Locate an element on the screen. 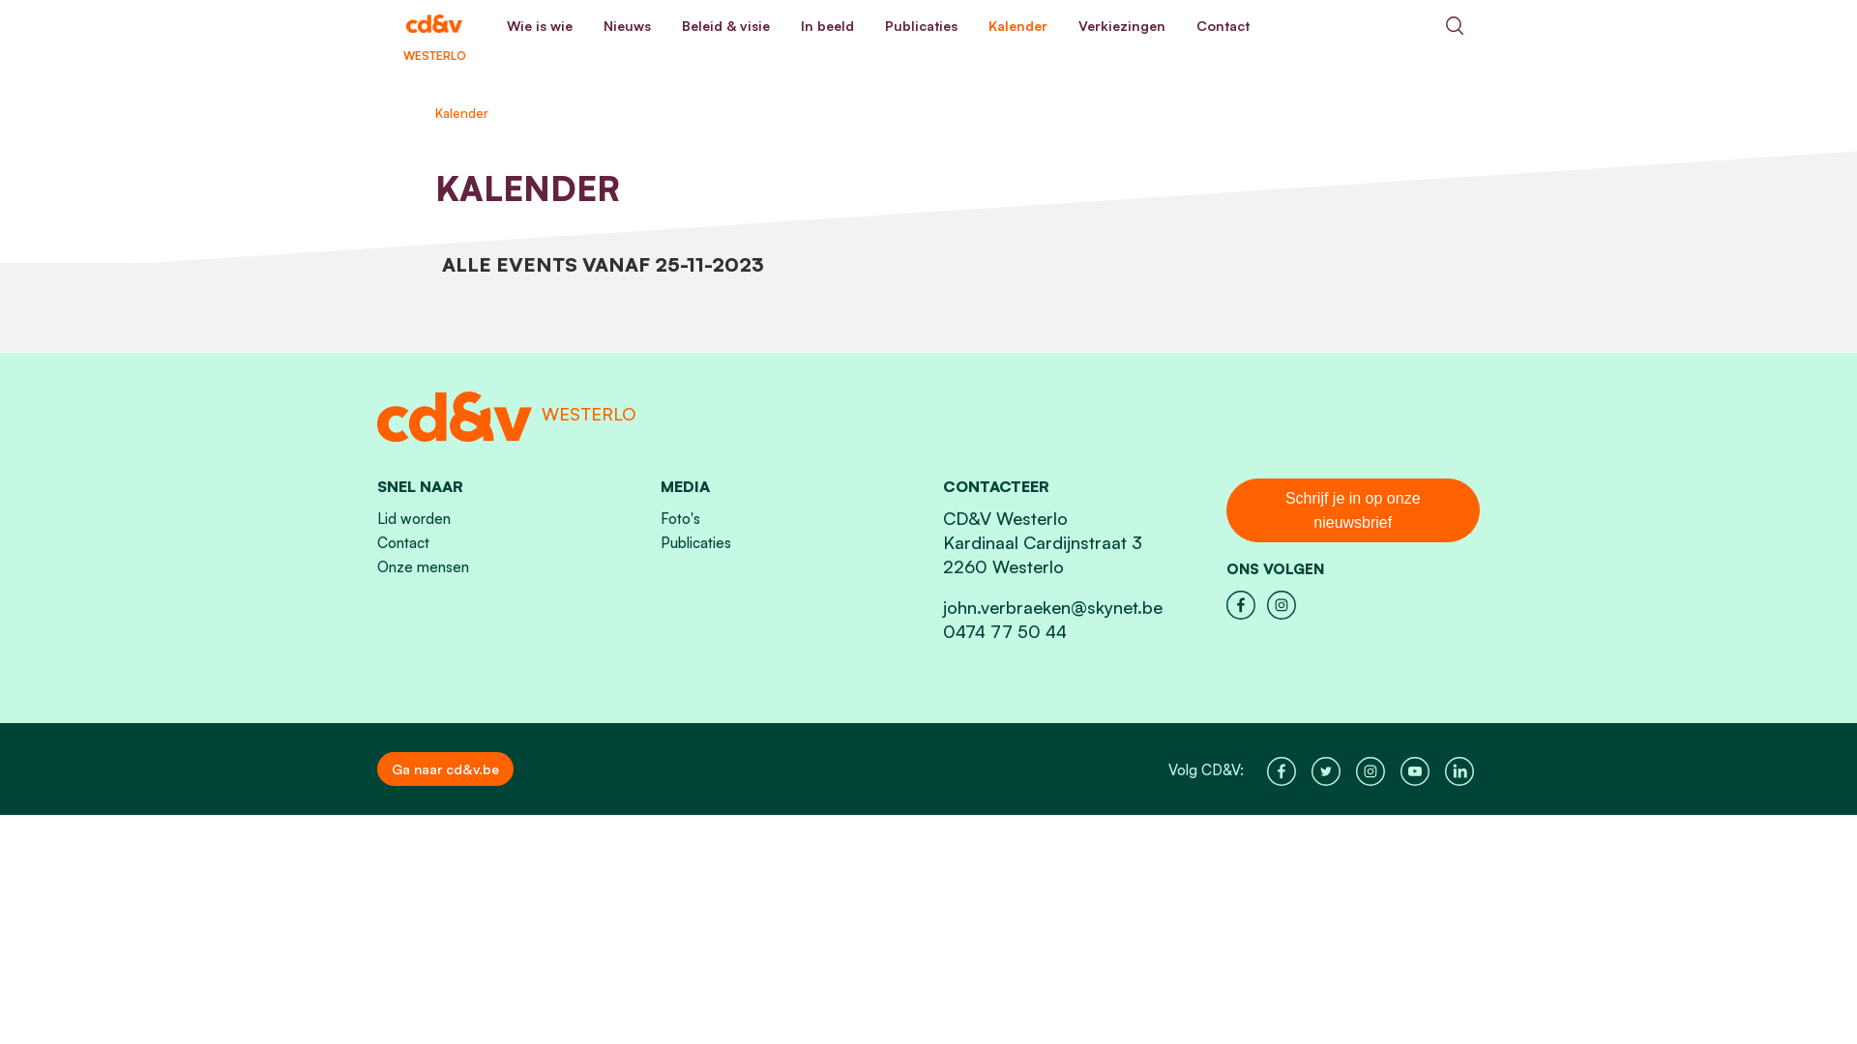 The width and height of the screenshot is (1857, 1044). 'Onze mensen' is located at coordinates (422, 565).